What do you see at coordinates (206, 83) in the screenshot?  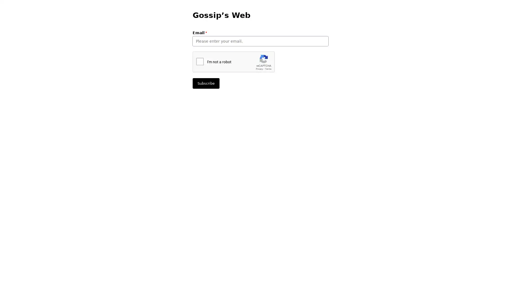 I see `Subscribe` at bounding box center [206, 83].